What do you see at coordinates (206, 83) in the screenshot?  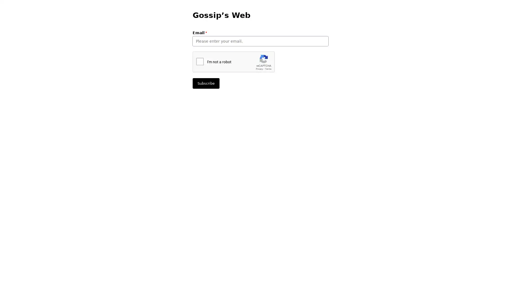 I see `Subscribe` at bounding box center [206, 83].